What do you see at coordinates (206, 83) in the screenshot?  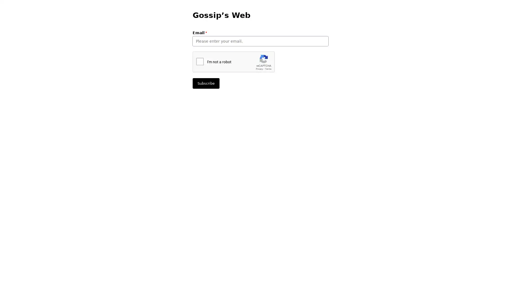 I see `Subscribe` at bounding box center [206, 83].